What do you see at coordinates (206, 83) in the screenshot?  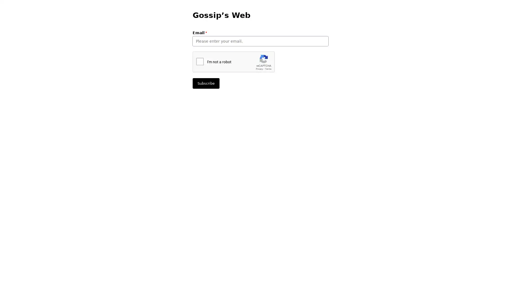 I see `Subscribe` at bounding box center [206, 83].